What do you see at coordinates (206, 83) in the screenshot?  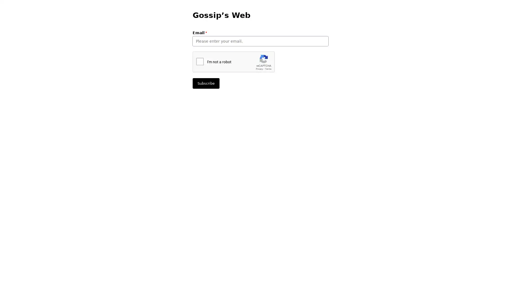 I see `Subscribe` at bounding box center [206, 83].